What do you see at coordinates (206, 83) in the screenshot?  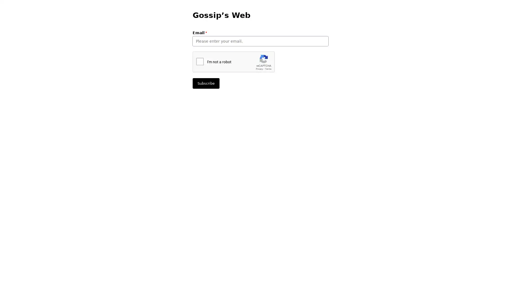 I see `Subscribe` at bounding box center [206, 83].